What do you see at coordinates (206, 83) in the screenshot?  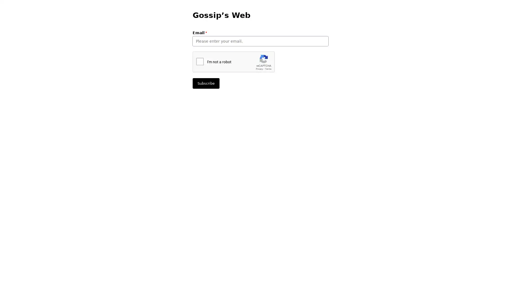 I see `Subscribe` at bounding box center [206, 83].